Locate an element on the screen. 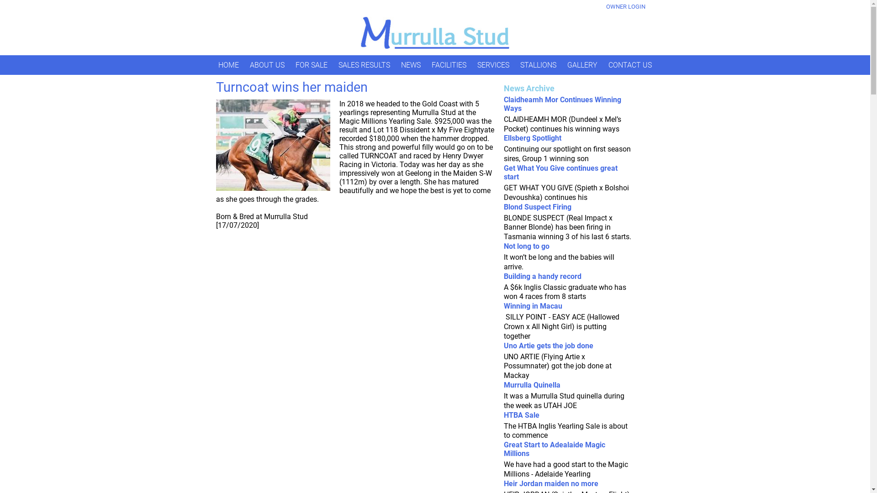 The width and height of the screenshot is (877, 493). 'NEWS' is located at coordinates (412, 64).